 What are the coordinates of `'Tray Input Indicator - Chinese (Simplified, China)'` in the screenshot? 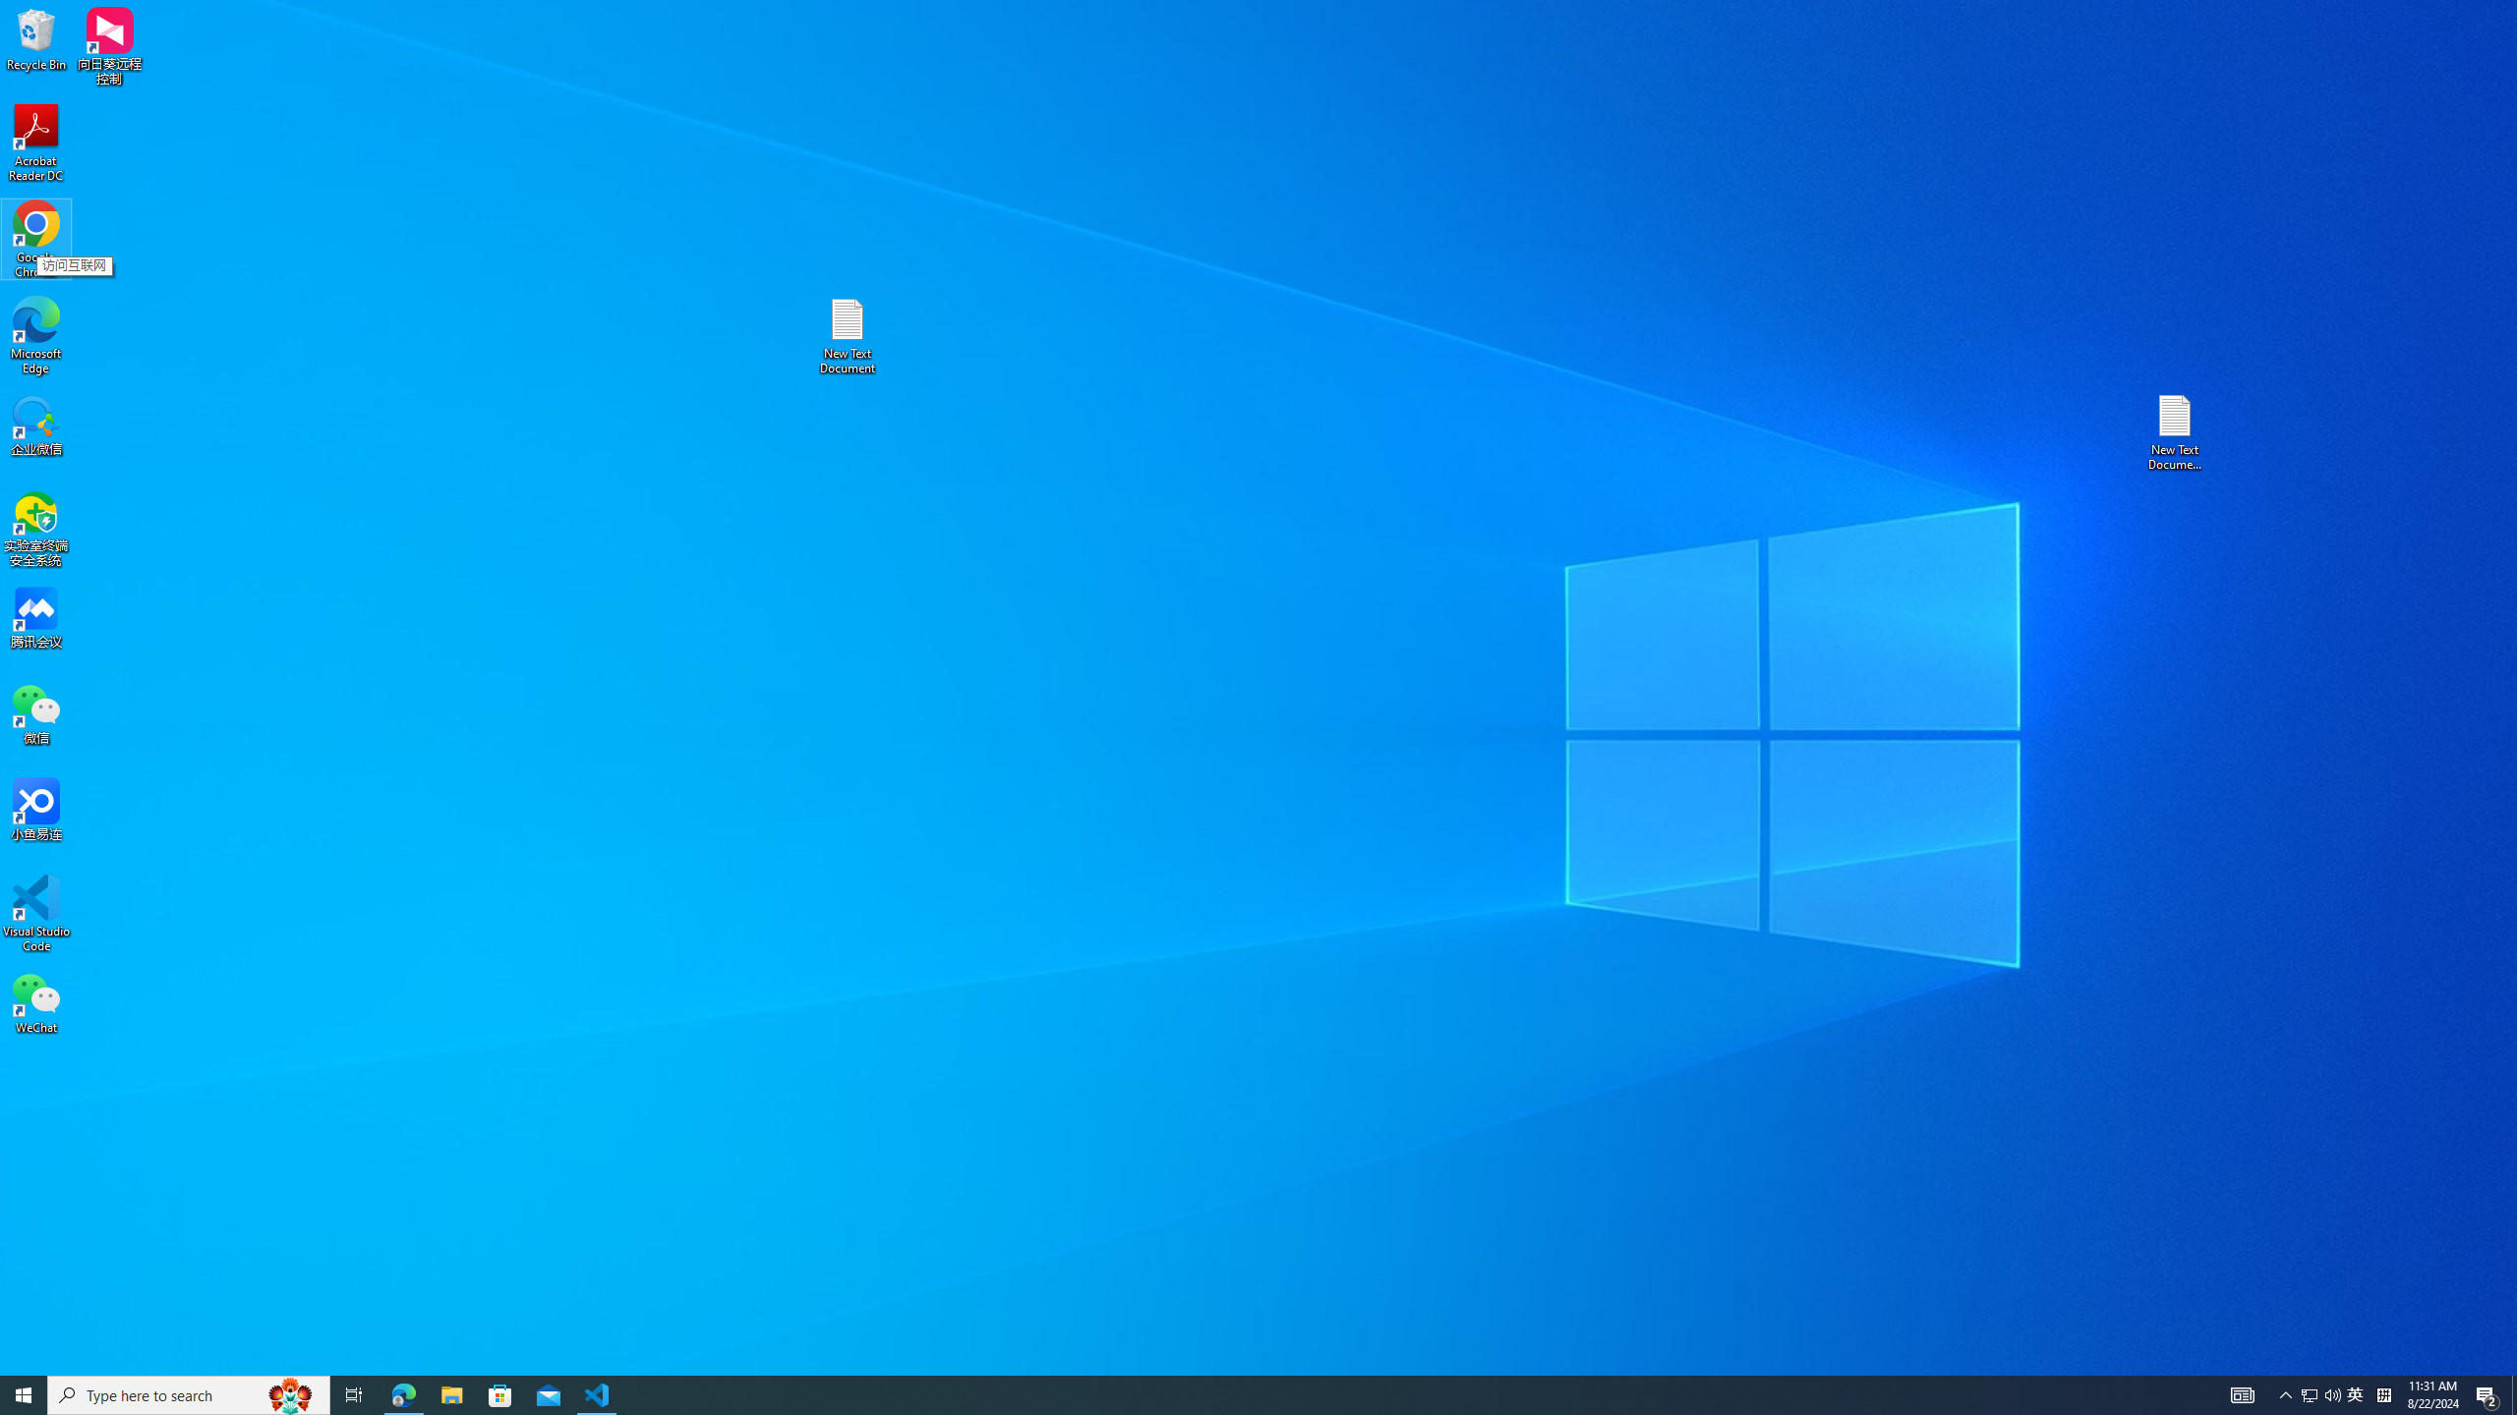 It's located at (2383, 1393).